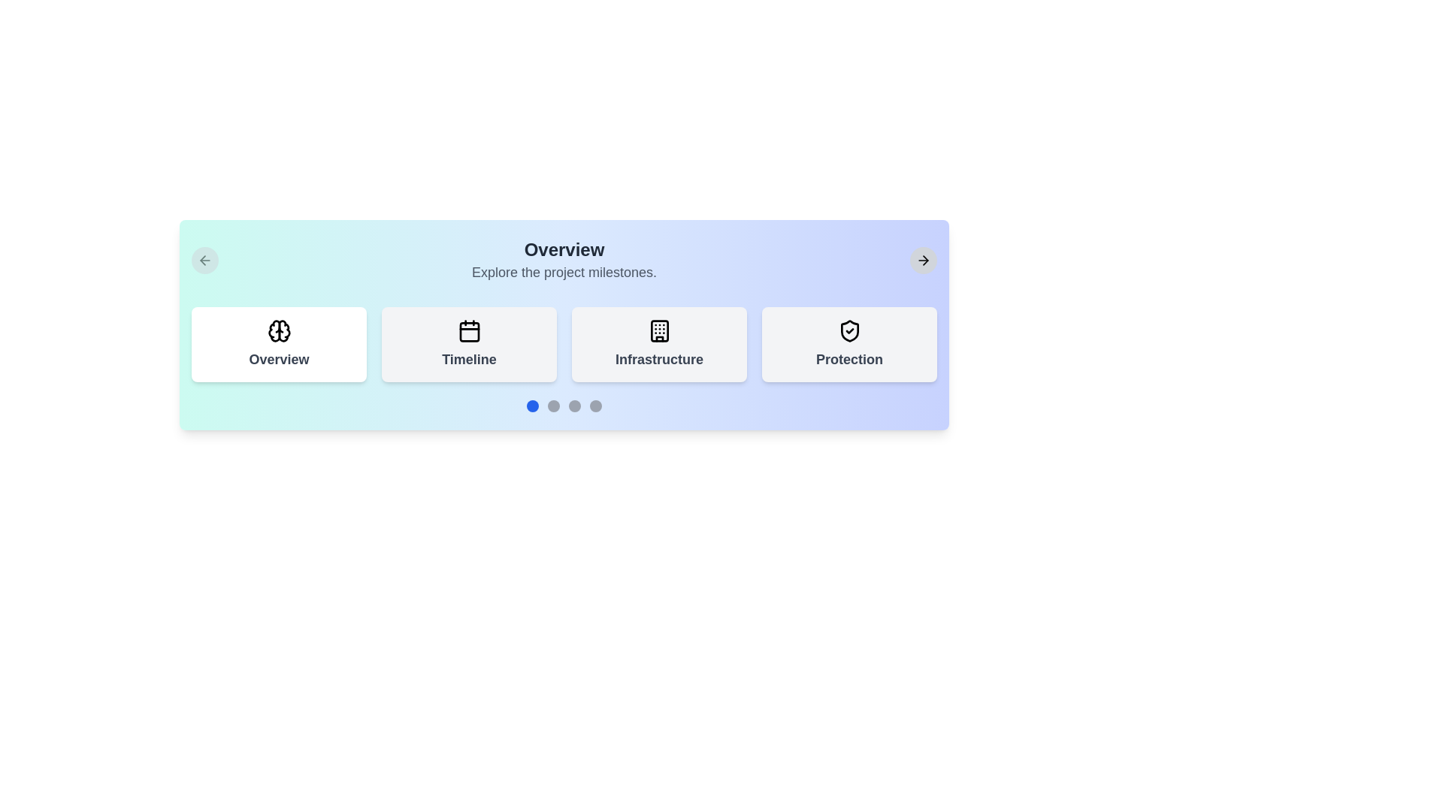  Describe the element at coordinates (279, 330) in the screenshot. I see `the 'Overview' button icon, which is the first button in a horizontal row of four buttons aligned under the header 'Overview'` at that location.